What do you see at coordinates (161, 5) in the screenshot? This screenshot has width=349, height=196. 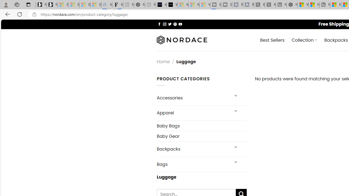 I see `'AI Voice Changer for PC and Mac - Voice.ai'` at bounding box center [161, 5].